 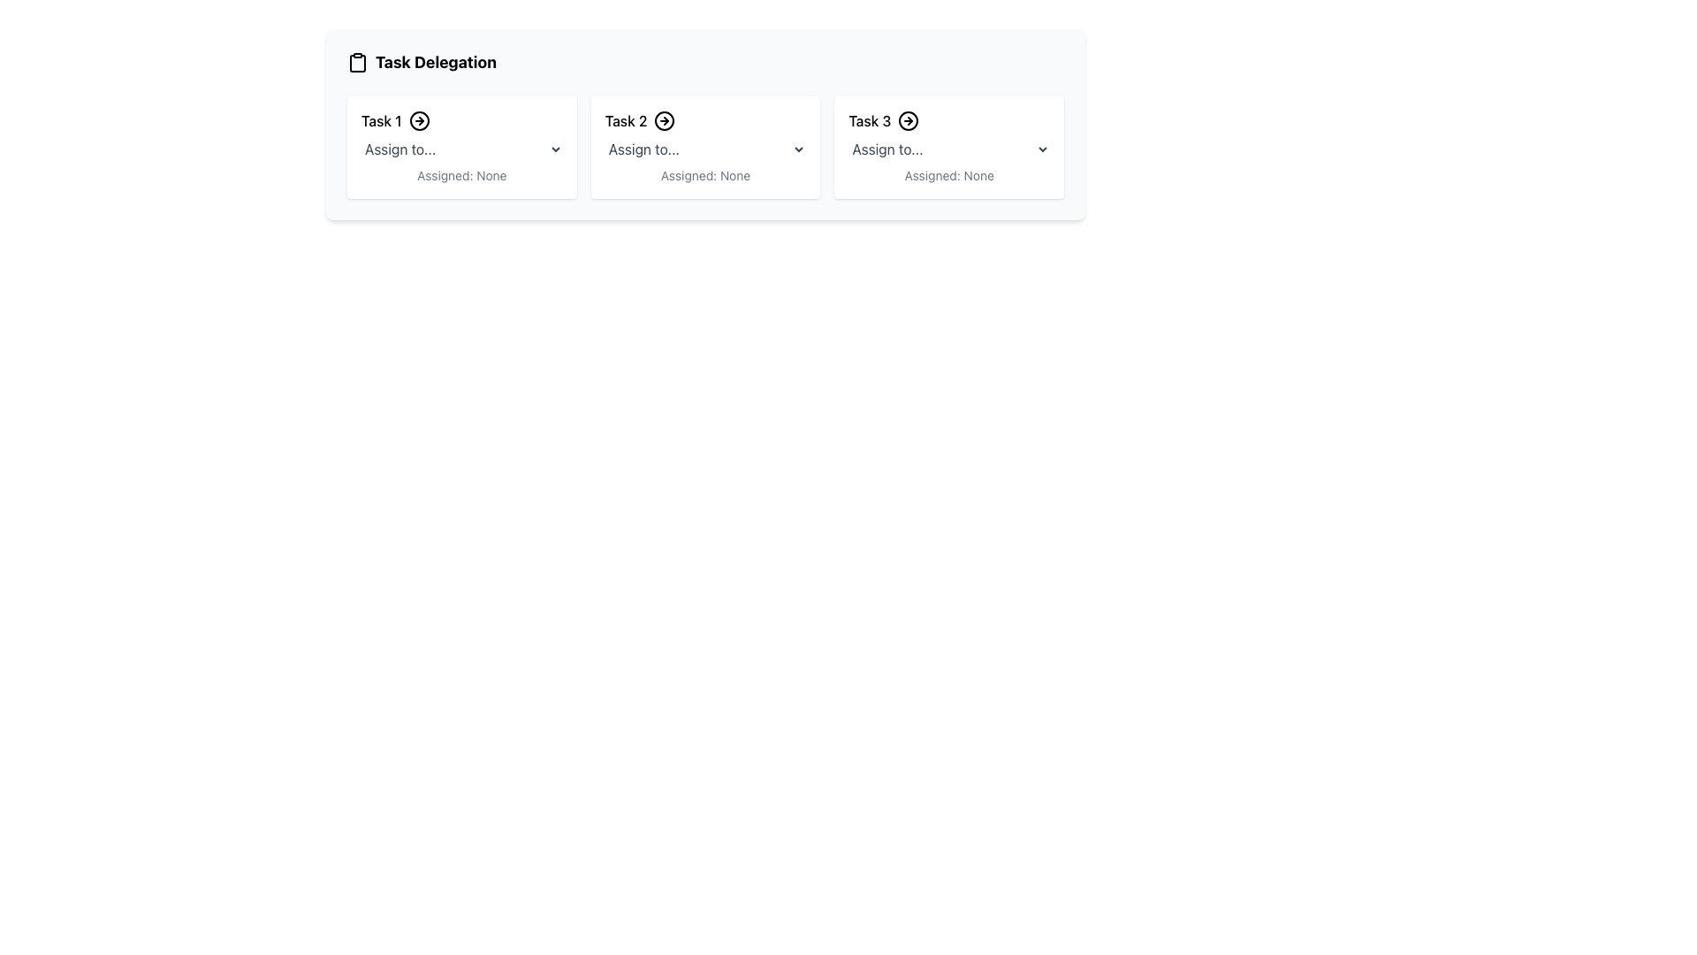 I want to click on the Dropdown menu labeled 'Task 2', so click(x=704, y=149).